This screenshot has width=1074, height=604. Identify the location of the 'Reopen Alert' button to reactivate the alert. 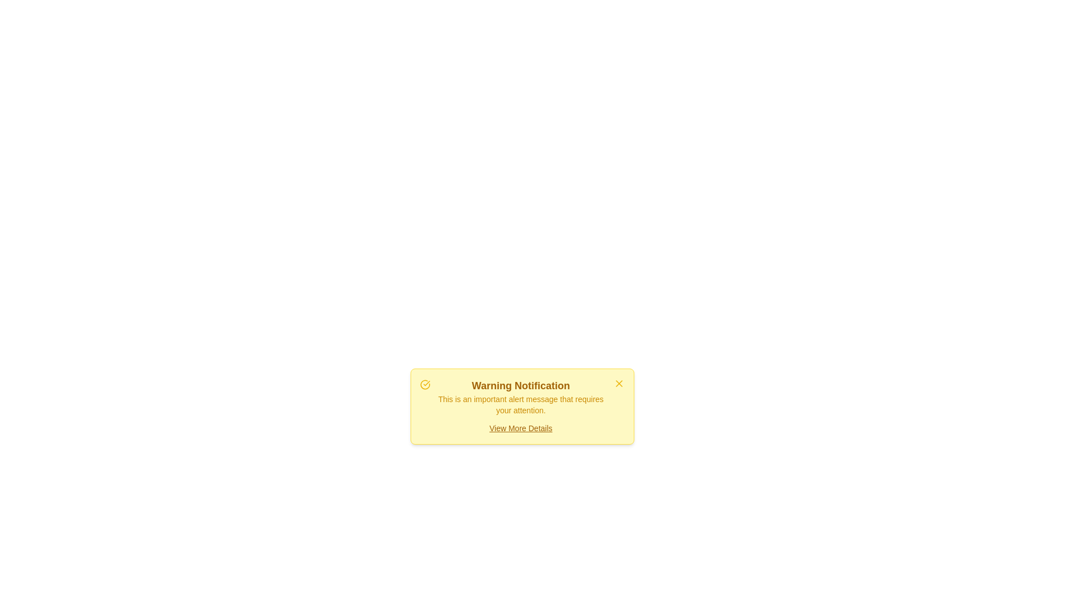
(522, 433).